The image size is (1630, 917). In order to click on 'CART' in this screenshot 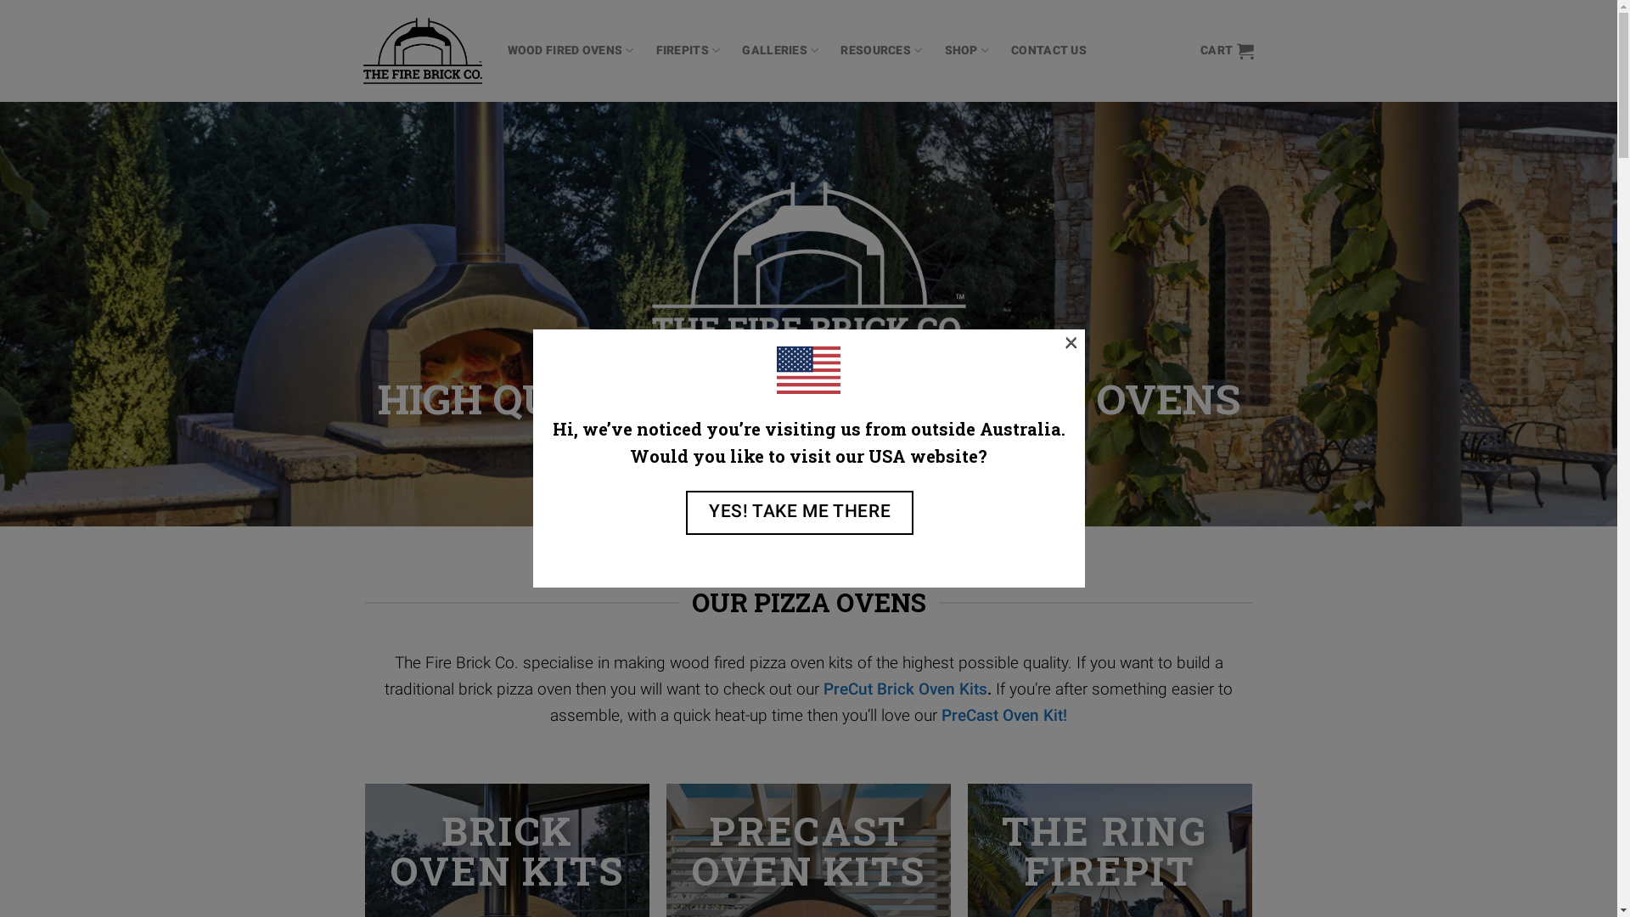, I will do `click(1227, 50)`.